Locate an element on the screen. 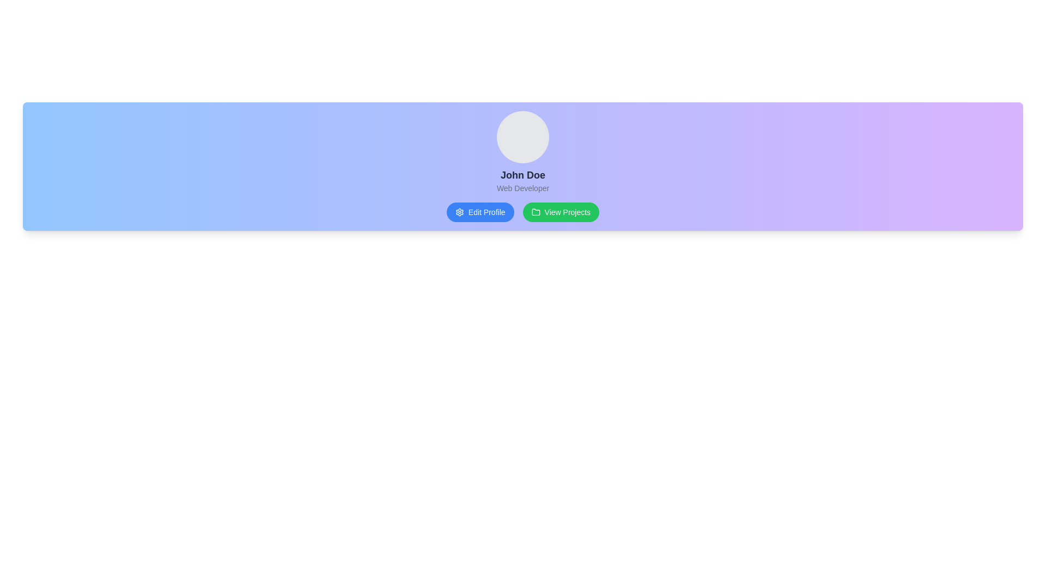 The image size is (1046, 588). the gear-shaped icon located to the left of the 'Edit Profile' button, which is part of a blue button in the bottom-center of the interface is located at coordinates (459, 212).